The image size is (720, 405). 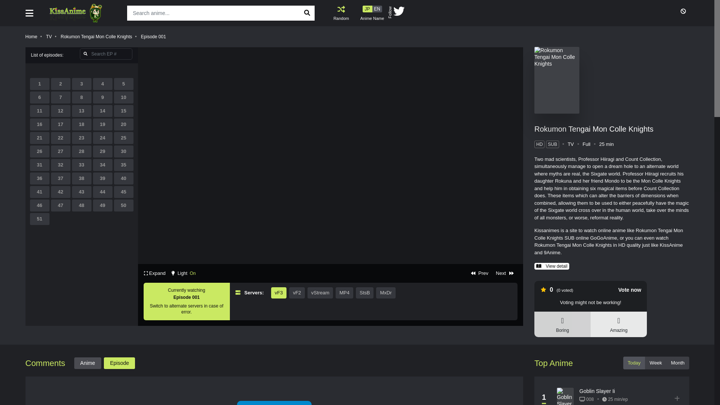 What do you see at coordinates (61, 124) in the screenshot?
I see `'17'` at bounding box center [61, 124].